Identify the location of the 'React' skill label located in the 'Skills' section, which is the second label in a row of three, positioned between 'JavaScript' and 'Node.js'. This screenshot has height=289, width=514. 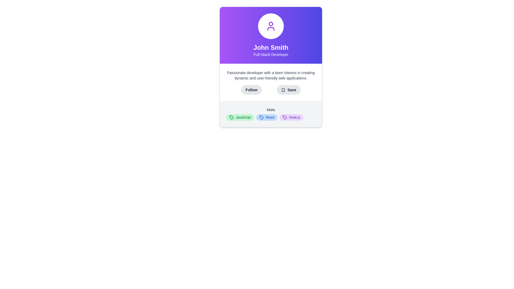
(267, 117).